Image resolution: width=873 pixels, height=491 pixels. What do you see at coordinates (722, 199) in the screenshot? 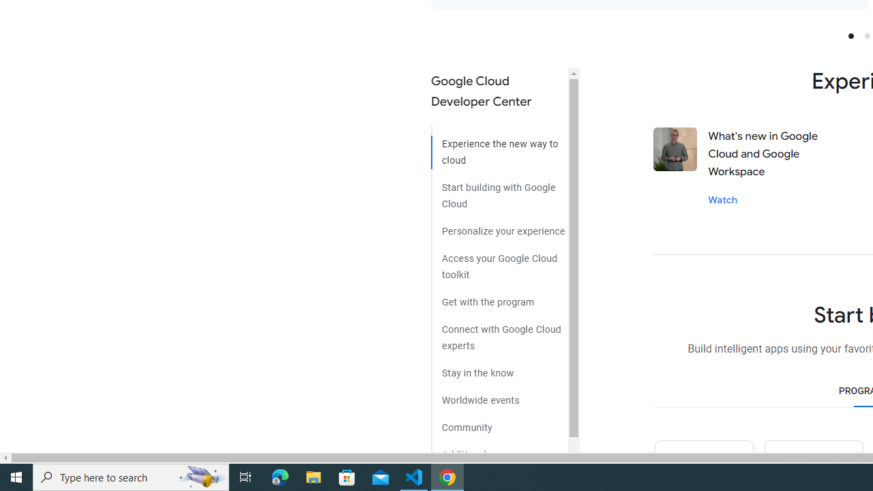
I see `'Watch'` at bounding box center [722, 199].